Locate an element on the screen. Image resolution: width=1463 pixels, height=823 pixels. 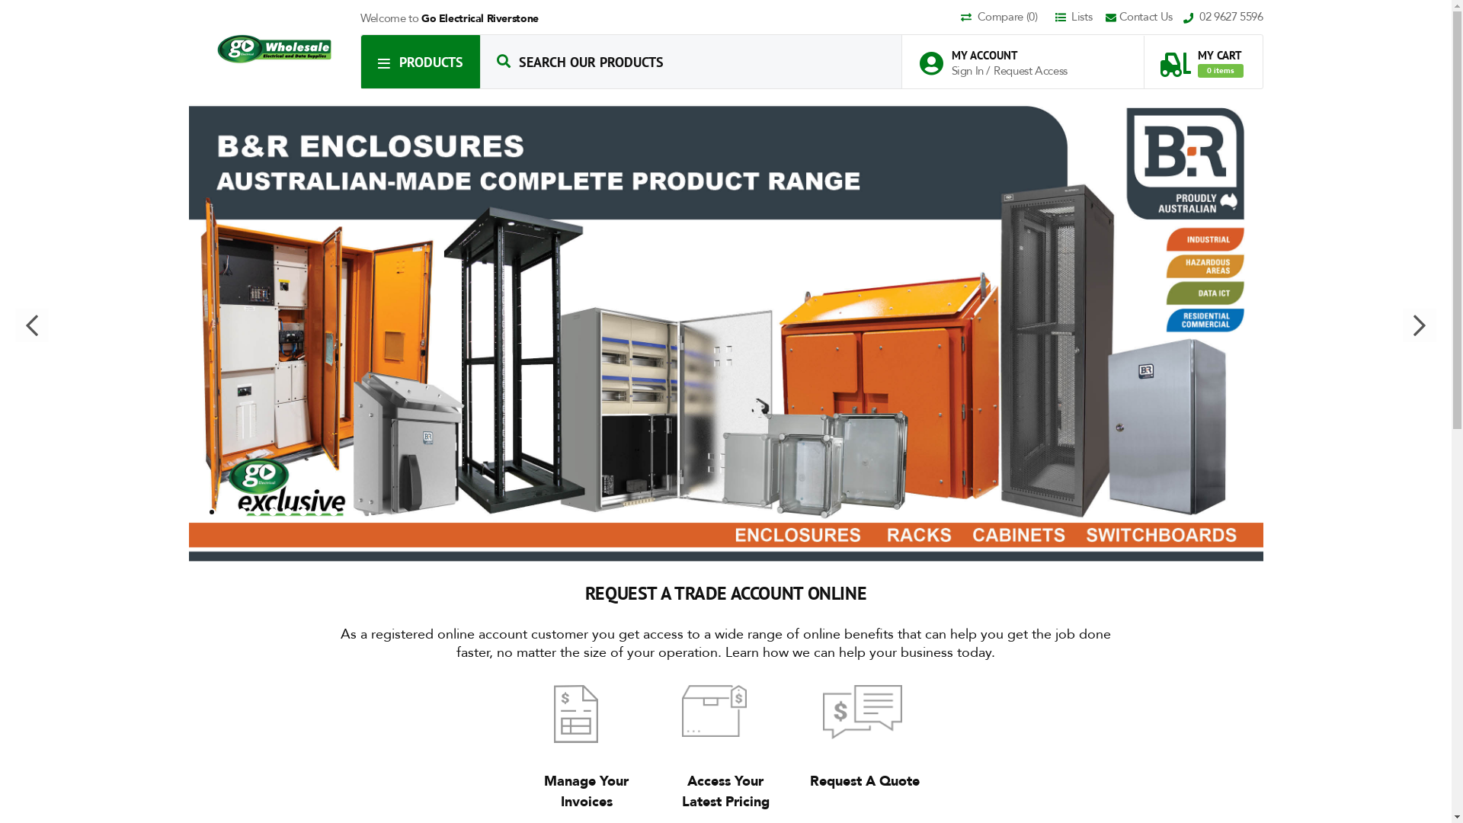
'6' is located at coordinates (271, 511).